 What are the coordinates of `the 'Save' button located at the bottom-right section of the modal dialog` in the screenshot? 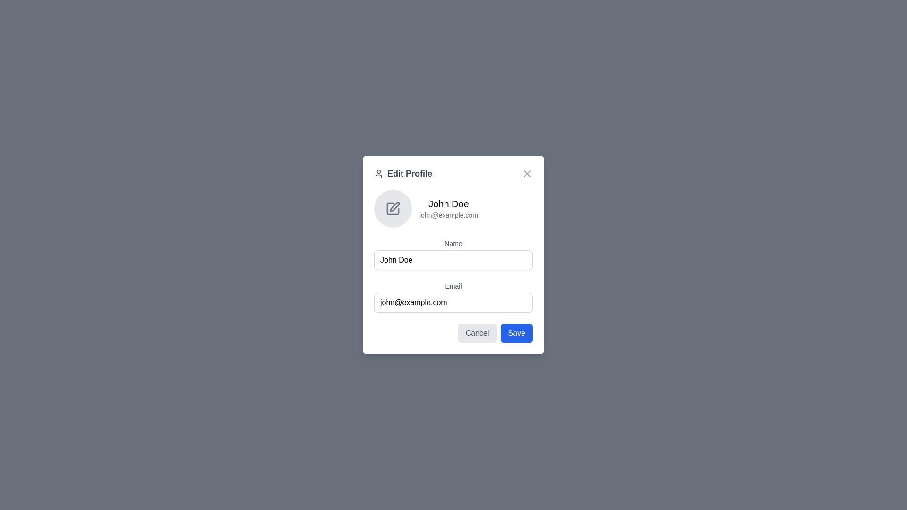 It's located at (516, 332).